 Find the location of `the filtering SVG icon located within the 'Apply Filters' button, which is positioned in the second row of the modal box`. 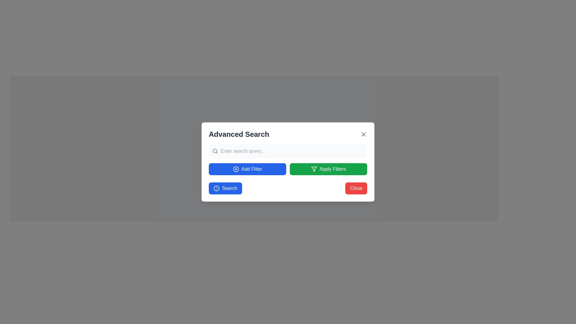

the filtering SVG icon located within the 'Apply Filters' button, which is positioned in the second row of the modal box is located at coordinates (313, 169).